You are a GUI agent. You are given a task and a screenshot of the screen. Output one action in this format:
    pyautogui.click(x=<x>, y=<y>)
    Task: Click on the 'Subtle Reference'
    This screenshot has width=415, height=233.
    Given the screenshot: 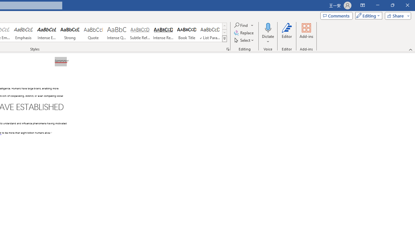 What is the action you would take?
    pyautogui.click(x=140, y=32)
    